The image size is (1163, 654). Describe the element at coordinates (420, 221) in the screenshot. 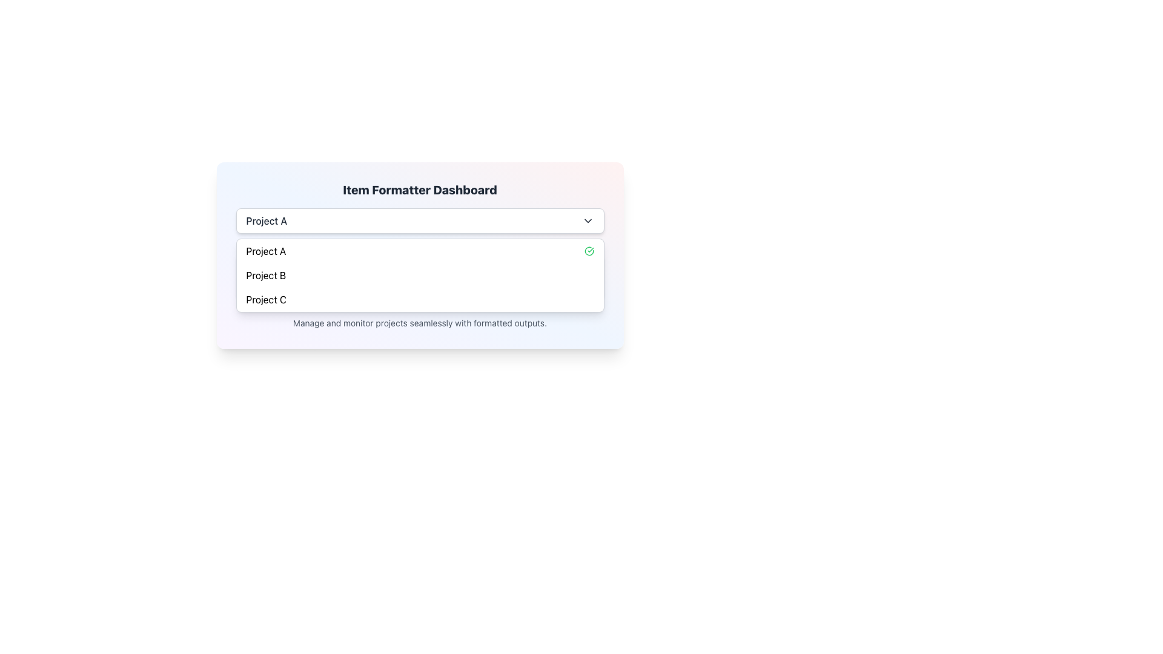

I see `the dropdown menu displaying 'Project A'` at that location.